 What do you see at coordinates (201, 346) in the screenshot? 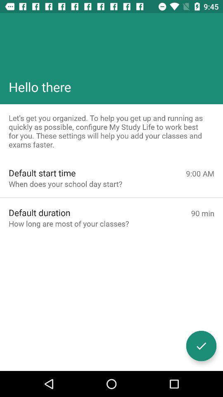
I see `approves for processing` at bounding box center [201, 346].